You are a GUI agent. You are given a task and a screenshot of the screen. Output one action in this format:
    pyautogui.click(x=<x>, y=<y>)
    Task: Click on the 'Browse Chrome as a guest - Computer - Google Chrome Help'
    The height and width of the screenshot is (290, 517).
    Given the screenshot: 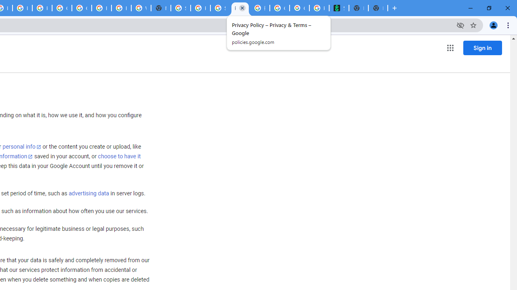 What is the action you would take?
    pyautogui.click(x=101, y=8)
    